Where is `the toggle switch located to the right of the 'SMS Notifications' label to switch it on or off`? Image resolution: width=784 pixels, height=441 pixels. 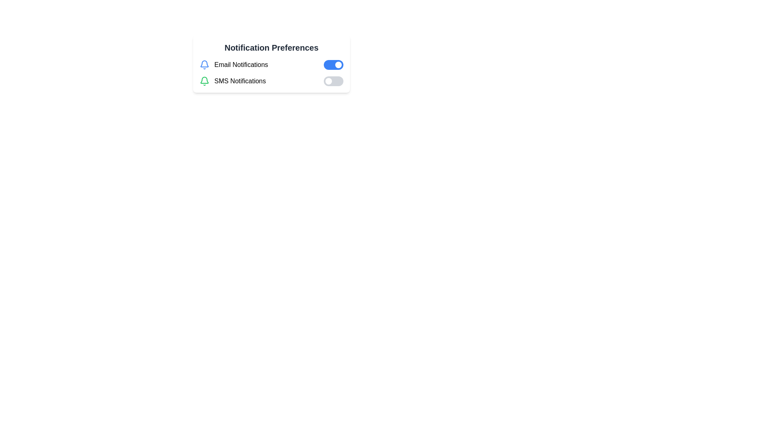
the toggle switch located to the right of the 'SMS Notifications' label to switch it on or off is located at coordinates (333, 81).